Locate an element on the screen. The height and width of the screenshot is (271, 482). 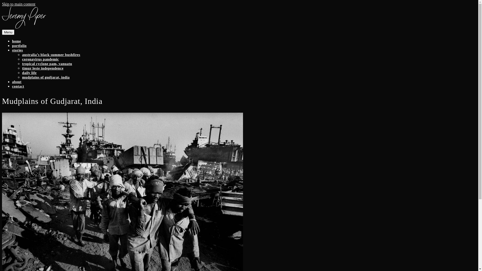
'stories' is located at coordinates (17, 50).